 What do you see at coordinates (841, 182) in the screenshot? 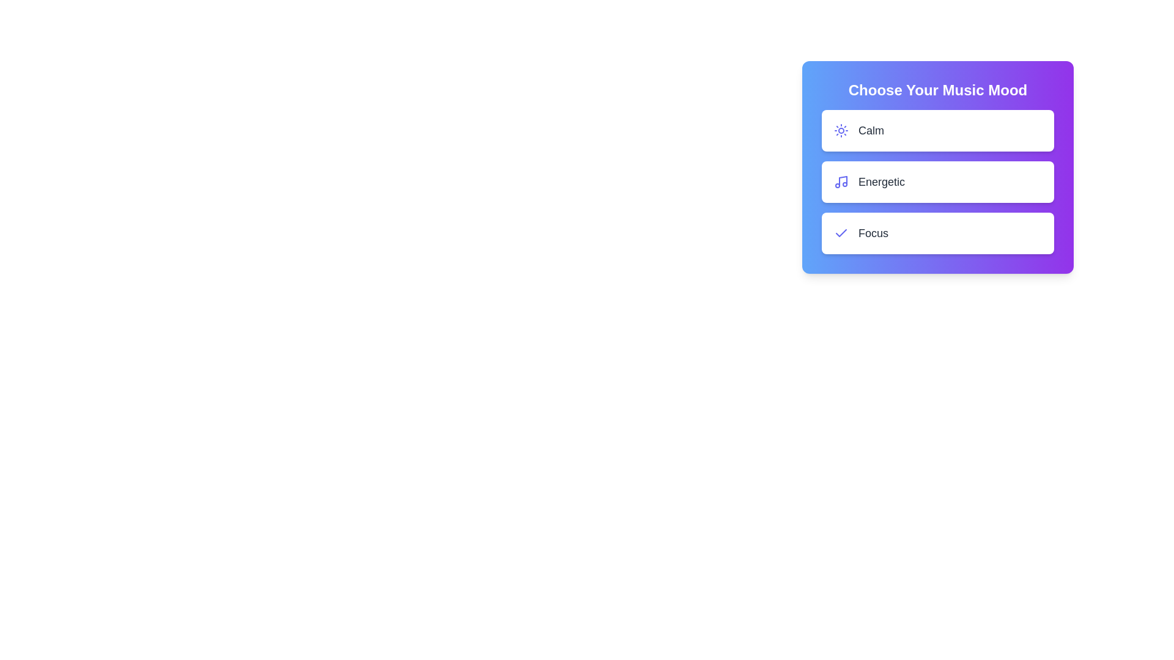
I see `the 'Energetic' mood icon located in the second option card of the list box, positioned to the far left` at bounding box center [841, 182].